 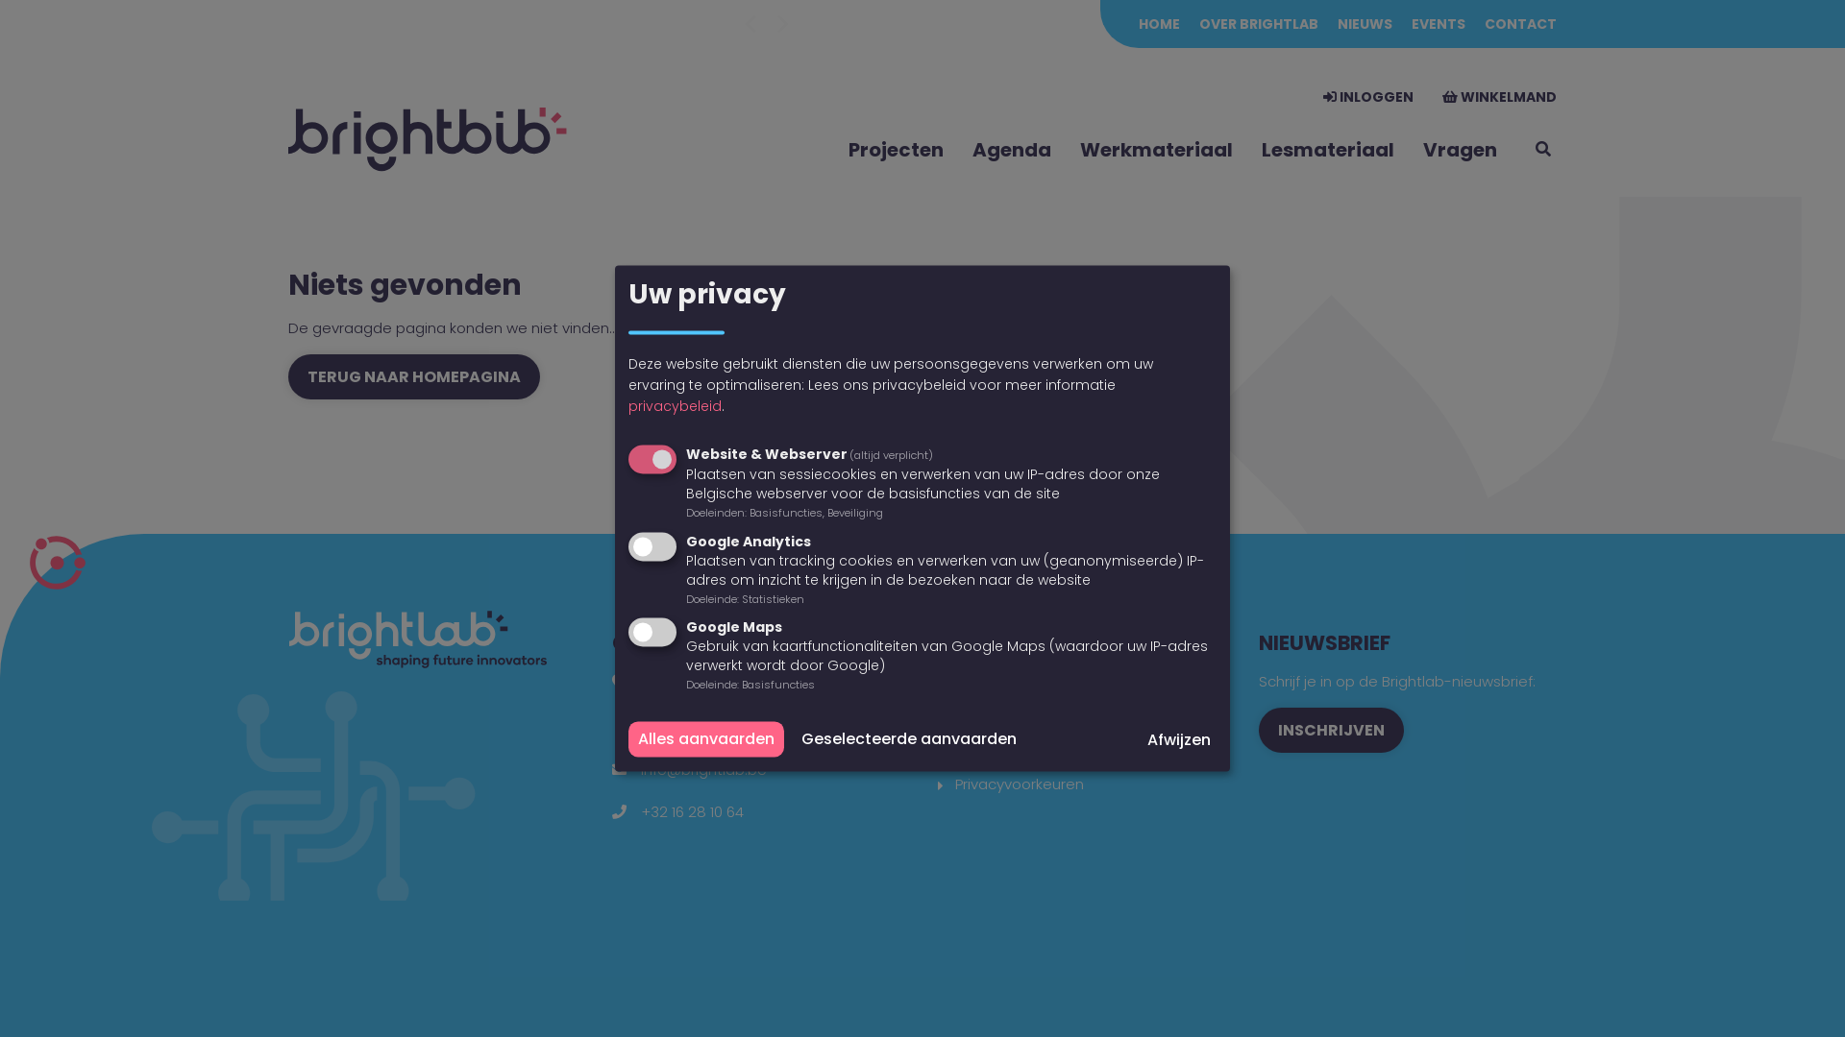 I want to click on 'info@brightlab.be', so click(x=702, y=768).